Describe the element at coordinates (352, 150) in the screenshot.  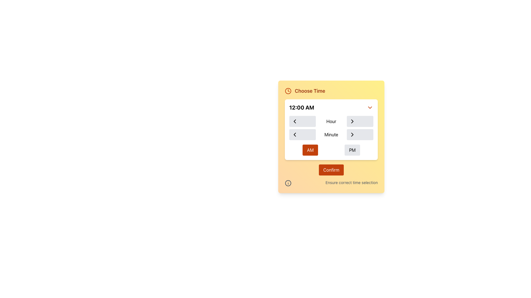
I see `the 'PM' button, which is a rectangular button with a light gray background and black text, located to the right of the 'AM' button in the time selection panel` at that location.